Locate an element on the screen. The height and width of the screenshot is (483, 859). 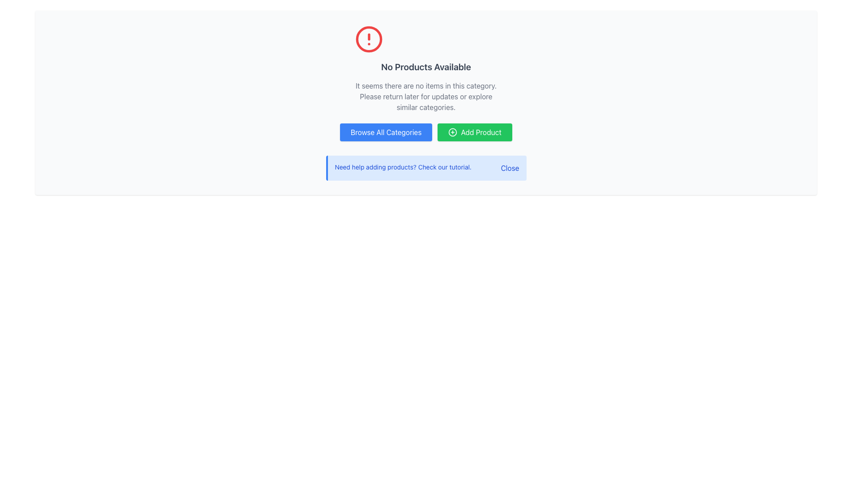
the green 'Add Product' button surrounding the circular SVG icon representing a plus symbol is located at coordinates (453, 132).